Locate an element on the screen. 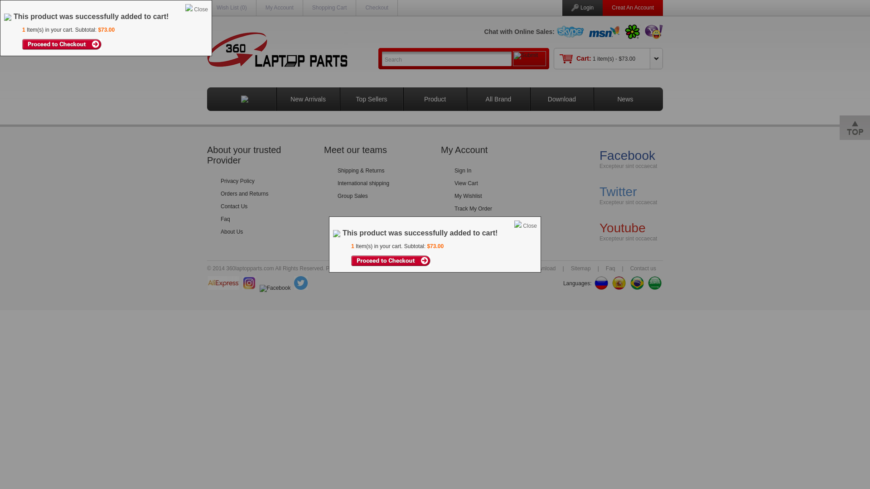 The height and width of the screenshot is (489, 870). 'All Brand' is located at coordinates (498, 99).